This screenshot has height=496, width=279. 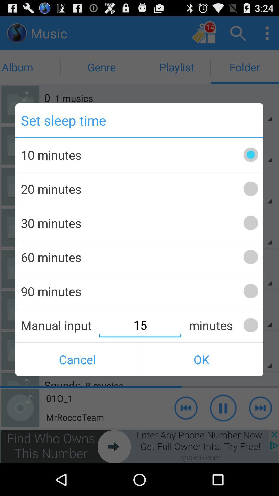 I want to click on the button, so click(x=250, y=223).